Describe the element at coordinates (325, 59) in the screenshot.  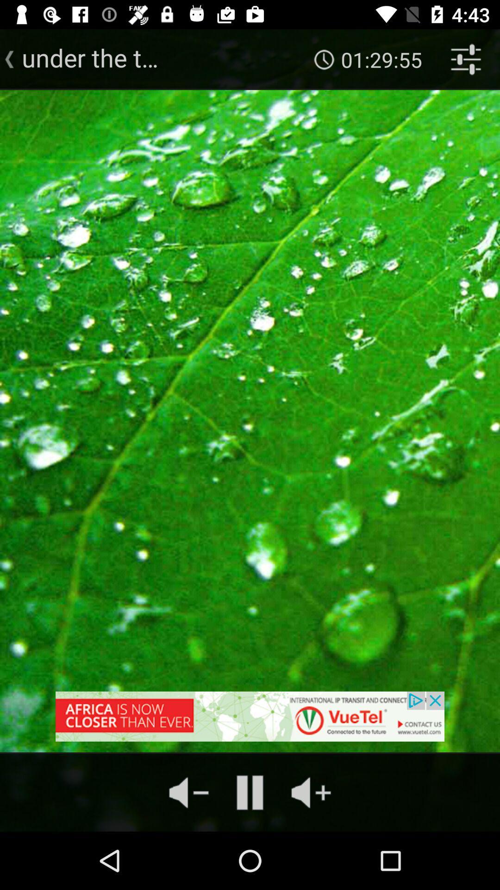
I see `the time icon` at that location.